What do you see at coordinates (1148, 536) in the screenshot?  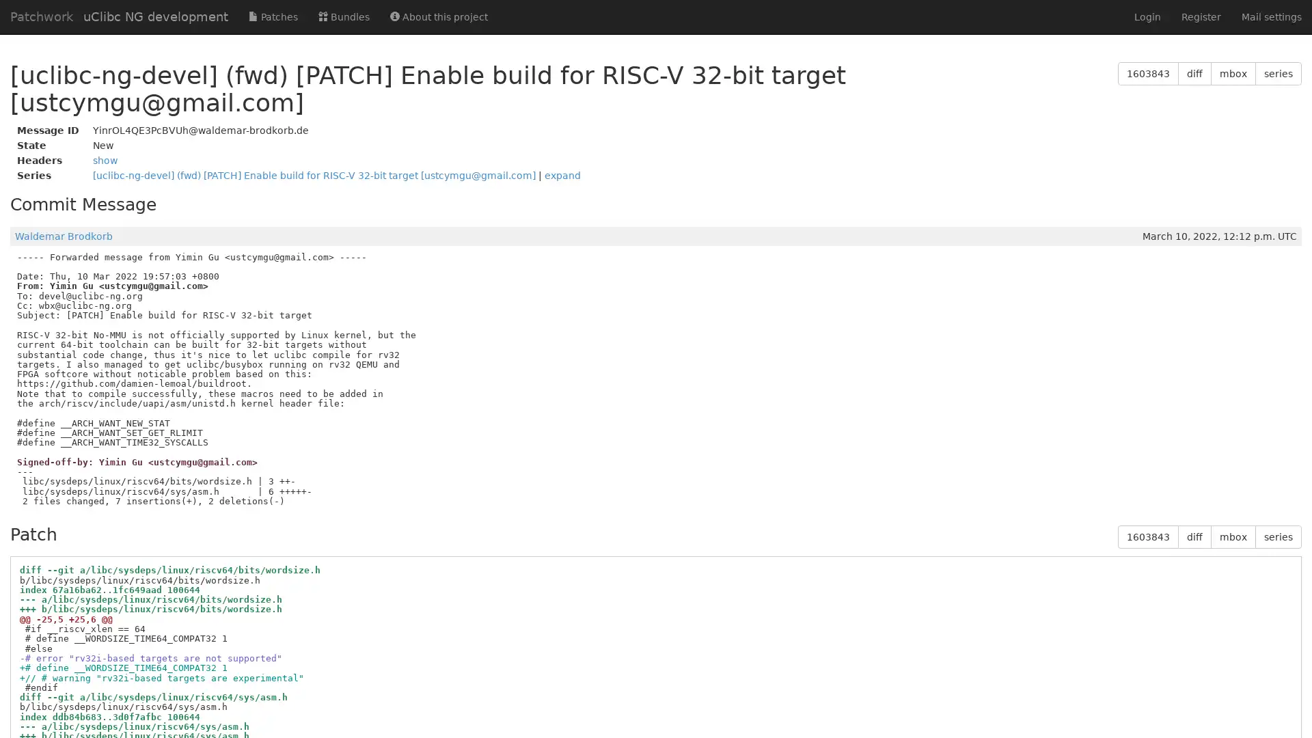 I see `1603843` at bounding box center [1148, 536].